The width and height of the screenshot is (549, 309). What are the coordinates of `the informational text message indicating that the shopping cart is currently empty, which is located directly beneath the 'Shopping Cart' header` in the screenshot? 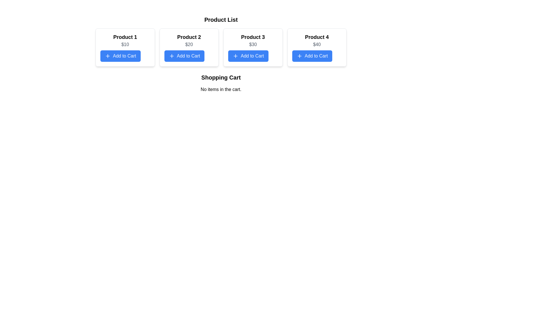 It's located at (220, 89).